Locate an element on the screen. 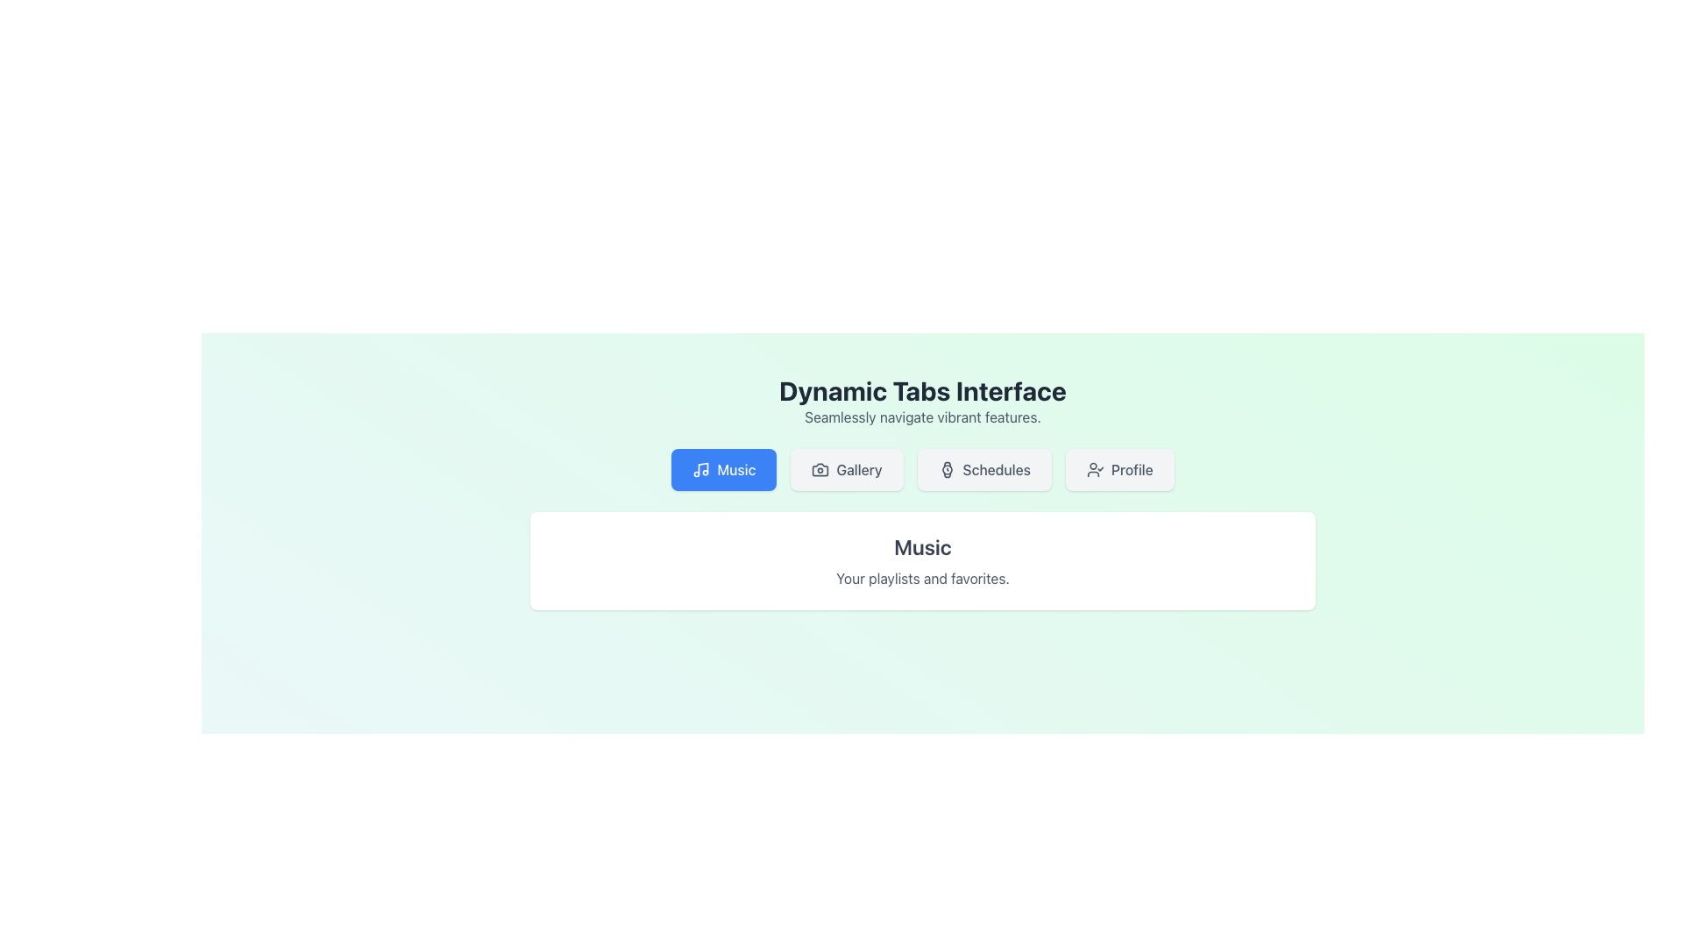 This screenshot has width=1683, height=947. static text element that displays 'Seamlessly navigate vibrant features.' positioned beneath the title 'Dynamic Tabs Interface.' is located at coordinates (921, 417).